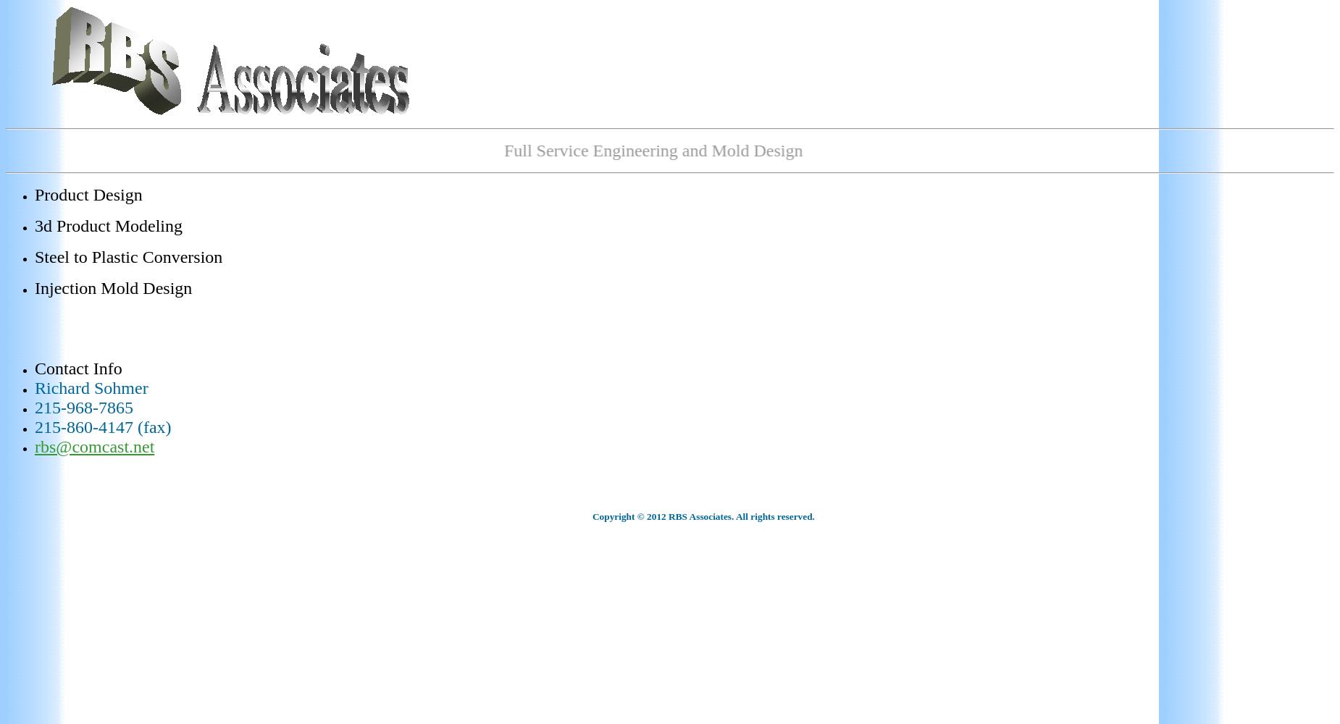 This screenshot has width=1340, height=724. What do you see at coordinates (33, 388) in the screenshot?
I see `'Richard Sohmer'` at bounding box center [33, 388].